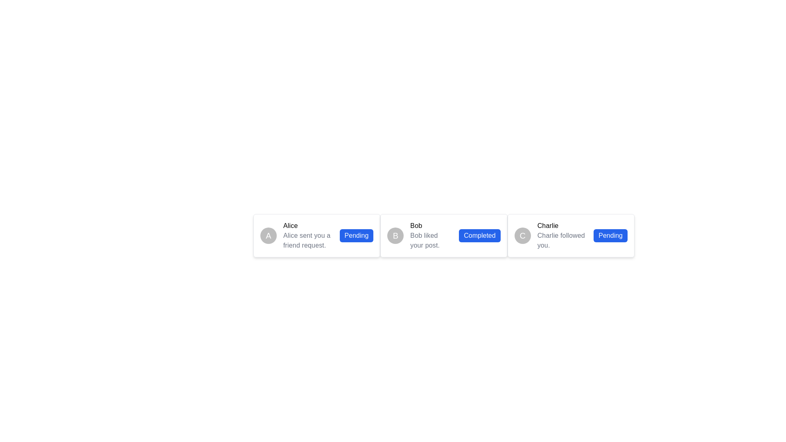 This screenshot has width=786, height=442. Describe the element at coordinates (269, 235) in the screenshot. I see `the circular avatar representing user 'Alice'` at that location.